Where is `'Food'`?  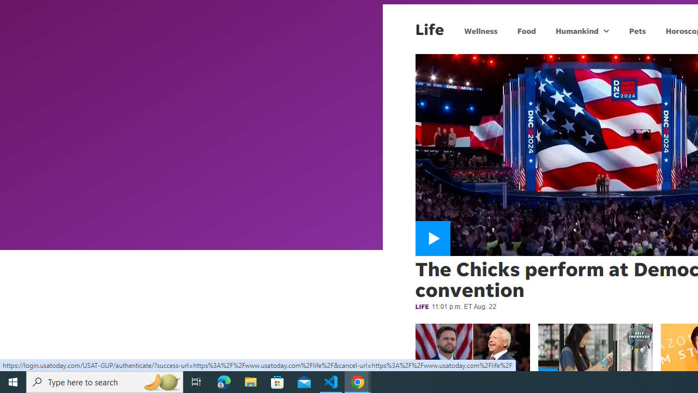
'Food' is located at coordinates (526, 30).